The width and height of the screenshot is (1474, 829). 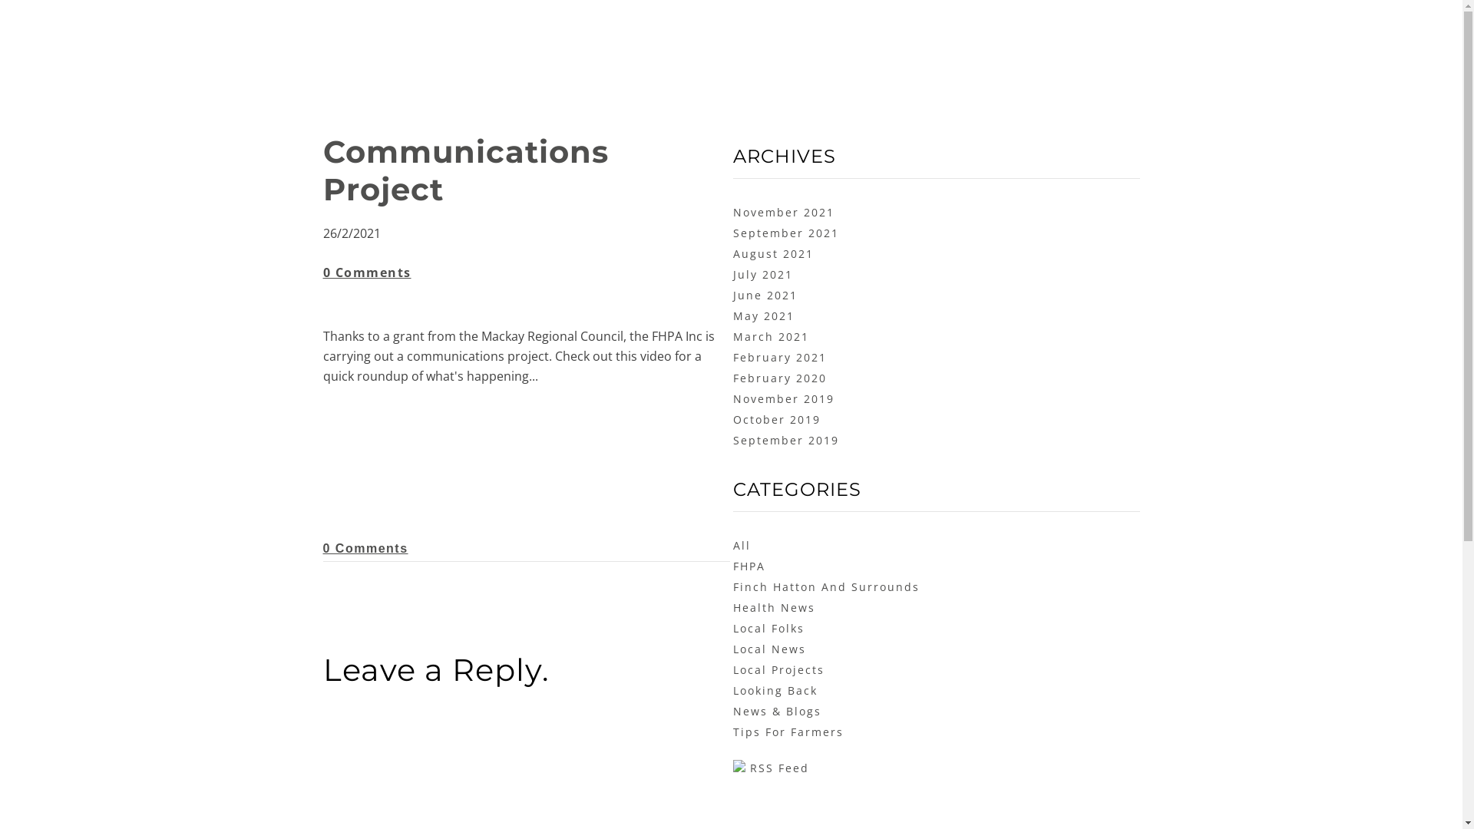 What do you see at coordinates (770, 335) in the screenshot?
I see `'March 2021'` at bounding box center [770, 335].